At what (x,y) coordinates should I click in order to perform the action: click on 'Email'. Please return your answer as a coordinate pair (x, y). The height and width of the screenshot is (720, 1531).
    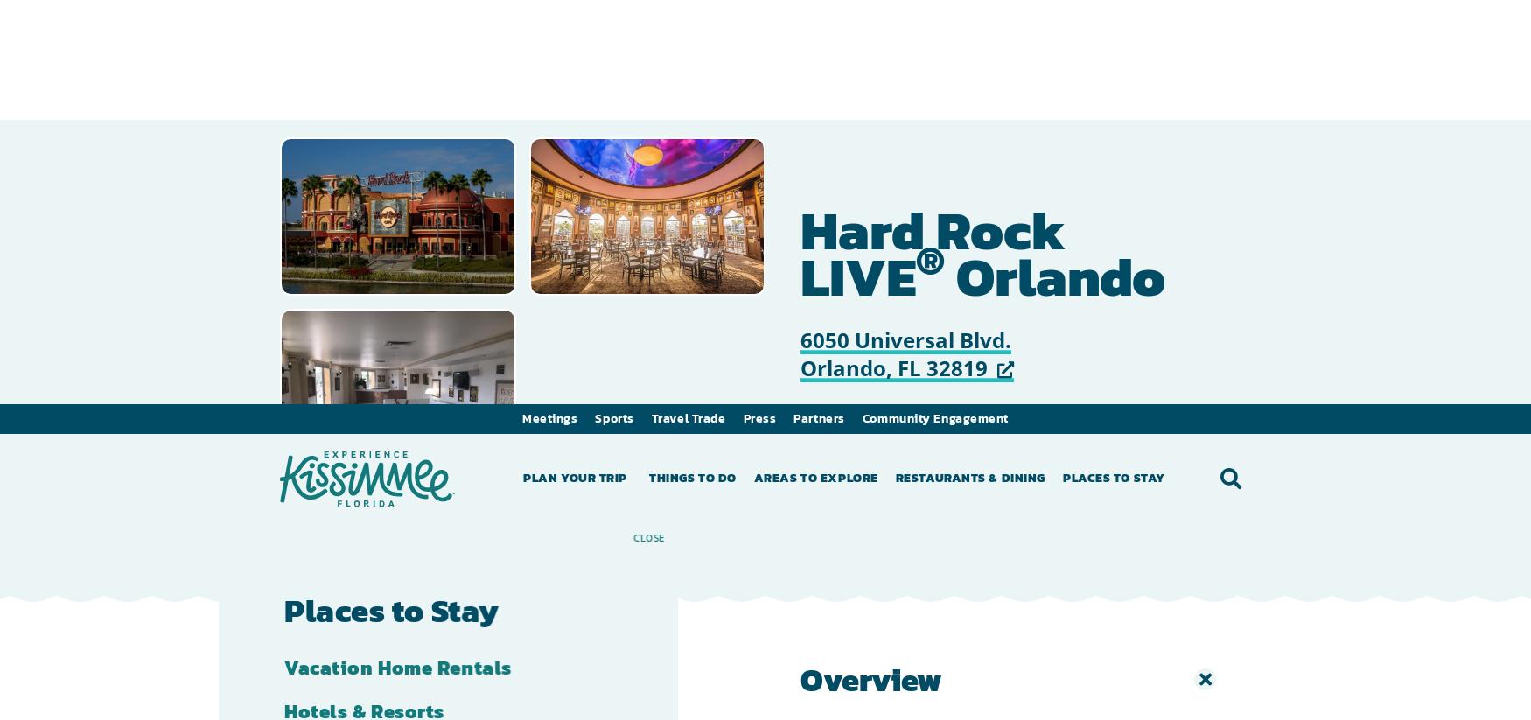
    Looking at the image, I should click on (962, 76).